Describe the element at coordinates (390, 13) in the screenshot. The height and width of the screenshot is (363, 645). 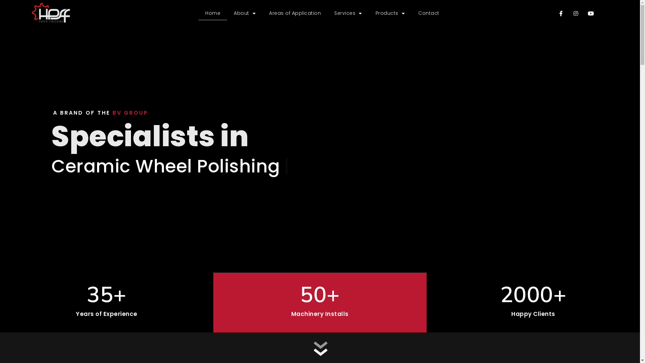
I see `'Products'` at that location.